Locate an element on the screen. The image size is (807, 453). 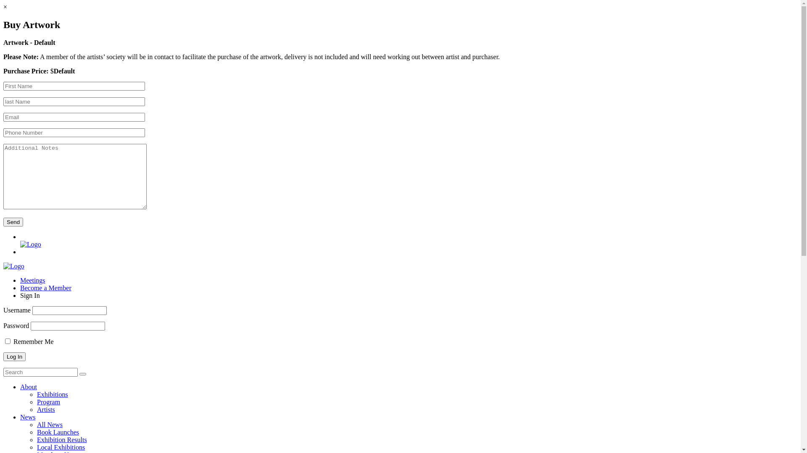
'Sign In' is located at coordinates (30, 295).